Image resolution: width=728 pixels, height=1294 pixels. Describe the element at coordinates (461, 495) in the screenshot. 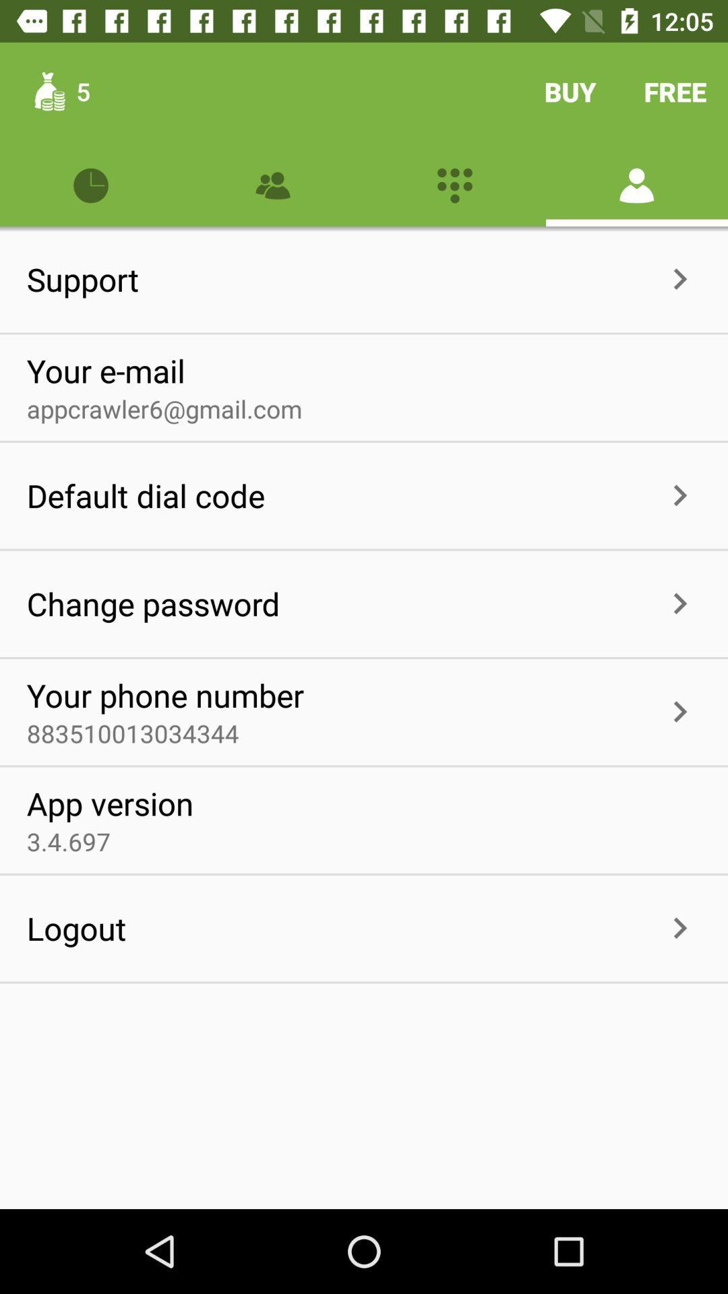

I see `the item below appcrawler6@gmail.com` at that location.